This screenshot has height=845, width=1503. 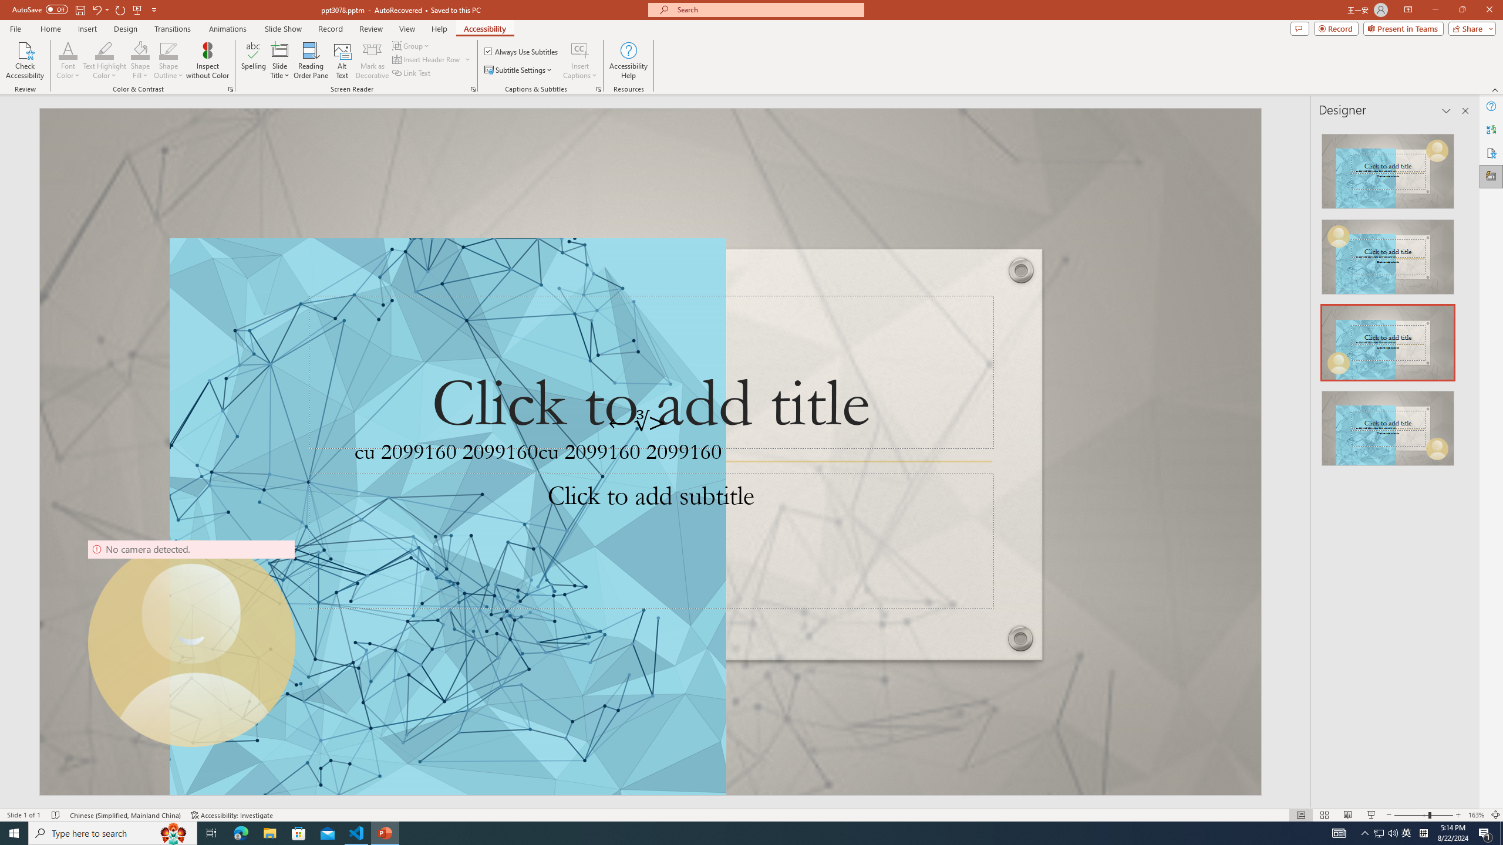 I want to click on 'Inspect without Color', so click(x=208, y=60).